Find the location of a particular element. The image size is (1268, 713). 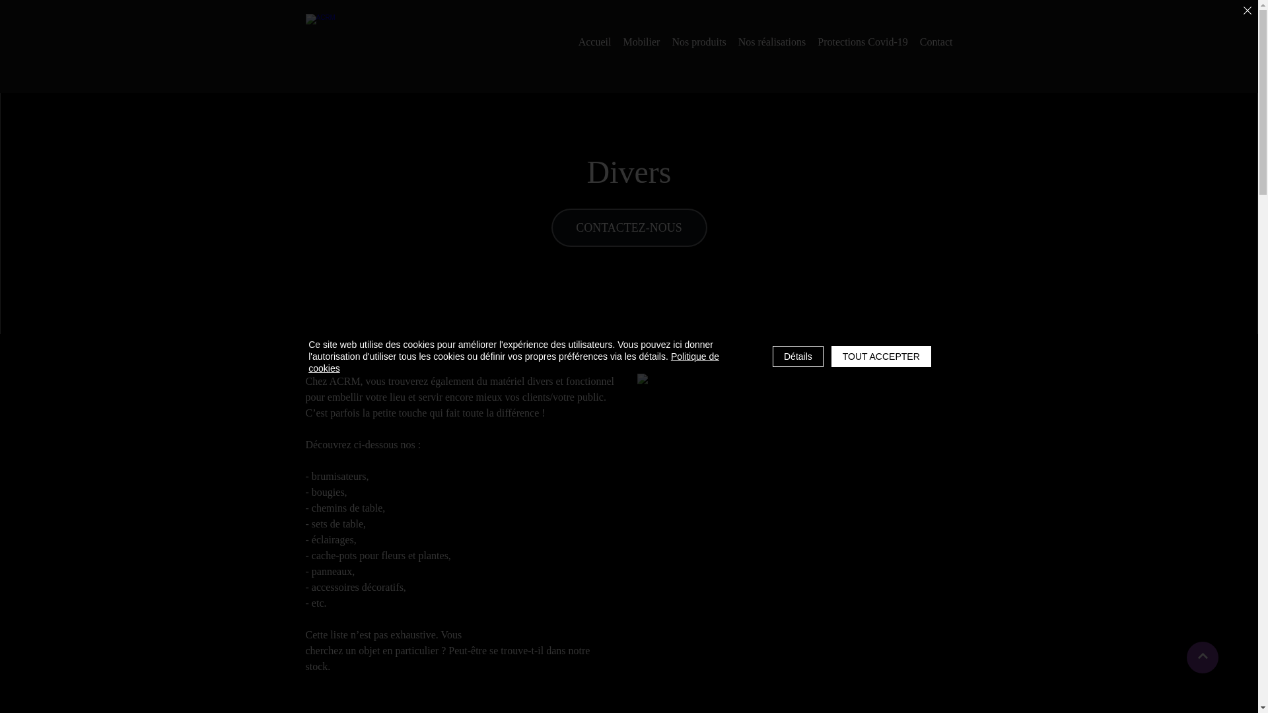

'Protections Covid-19' is located at coordinates (862, 42).